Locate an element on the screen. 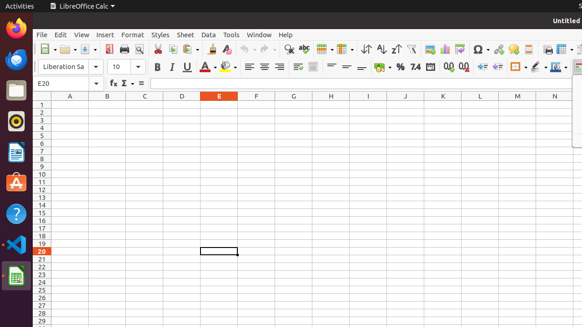 Image resolution: width=582 pixels, height=327 pixels. 'Thunderbird Mail' is located at coordinates (16, 59).